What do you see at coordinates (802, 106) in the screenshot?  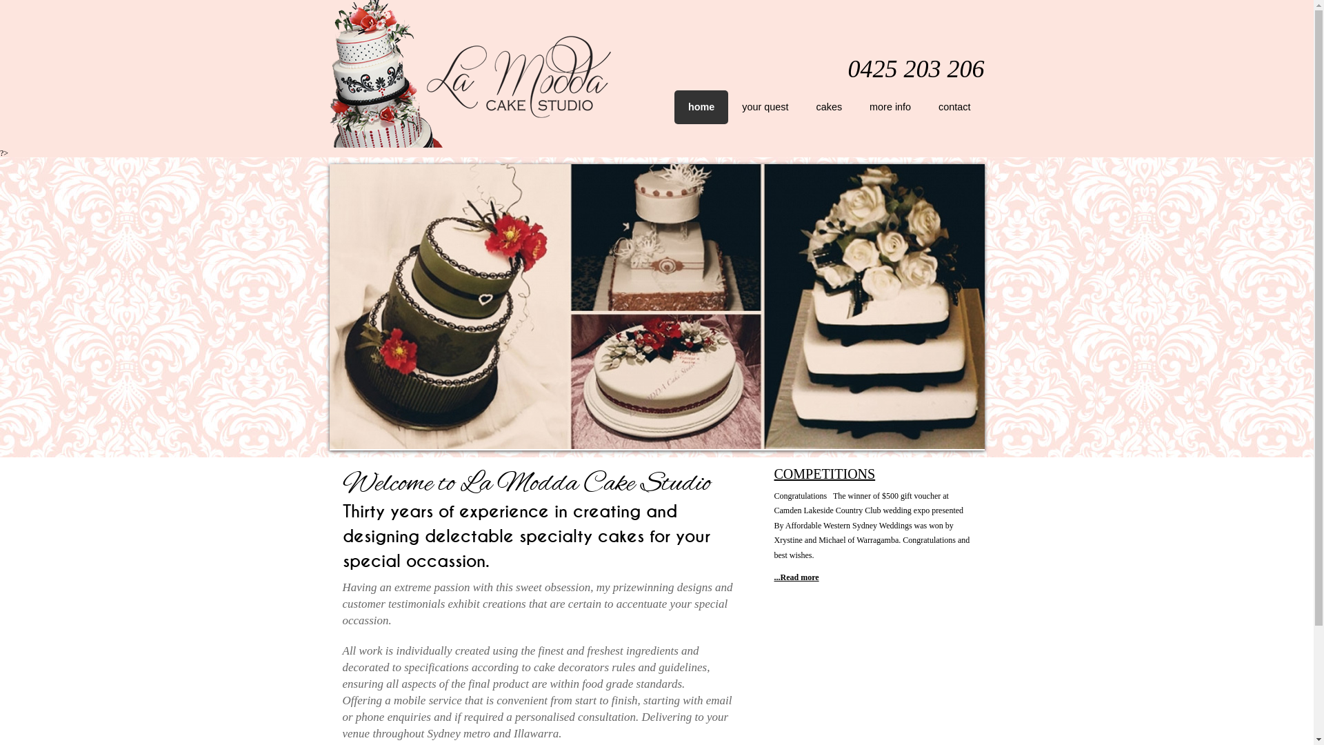 I see `'cakes'` at bounding box center [802, 106].